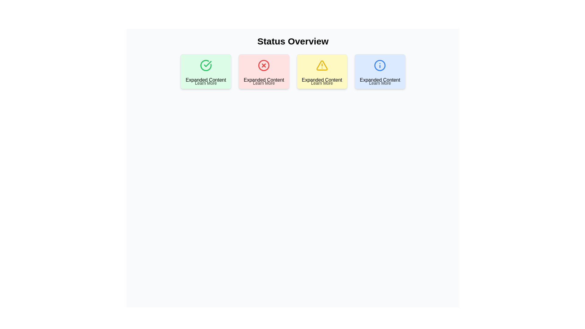 Image resolution: width=585 pixels, height=329 pixels. Describe the element at coordinates (264, 65) in the screenshot. I see `the error status icon located at the top-center of the second card from the left, above the text 'Expanded Content' and 'Learn More'` at that location.